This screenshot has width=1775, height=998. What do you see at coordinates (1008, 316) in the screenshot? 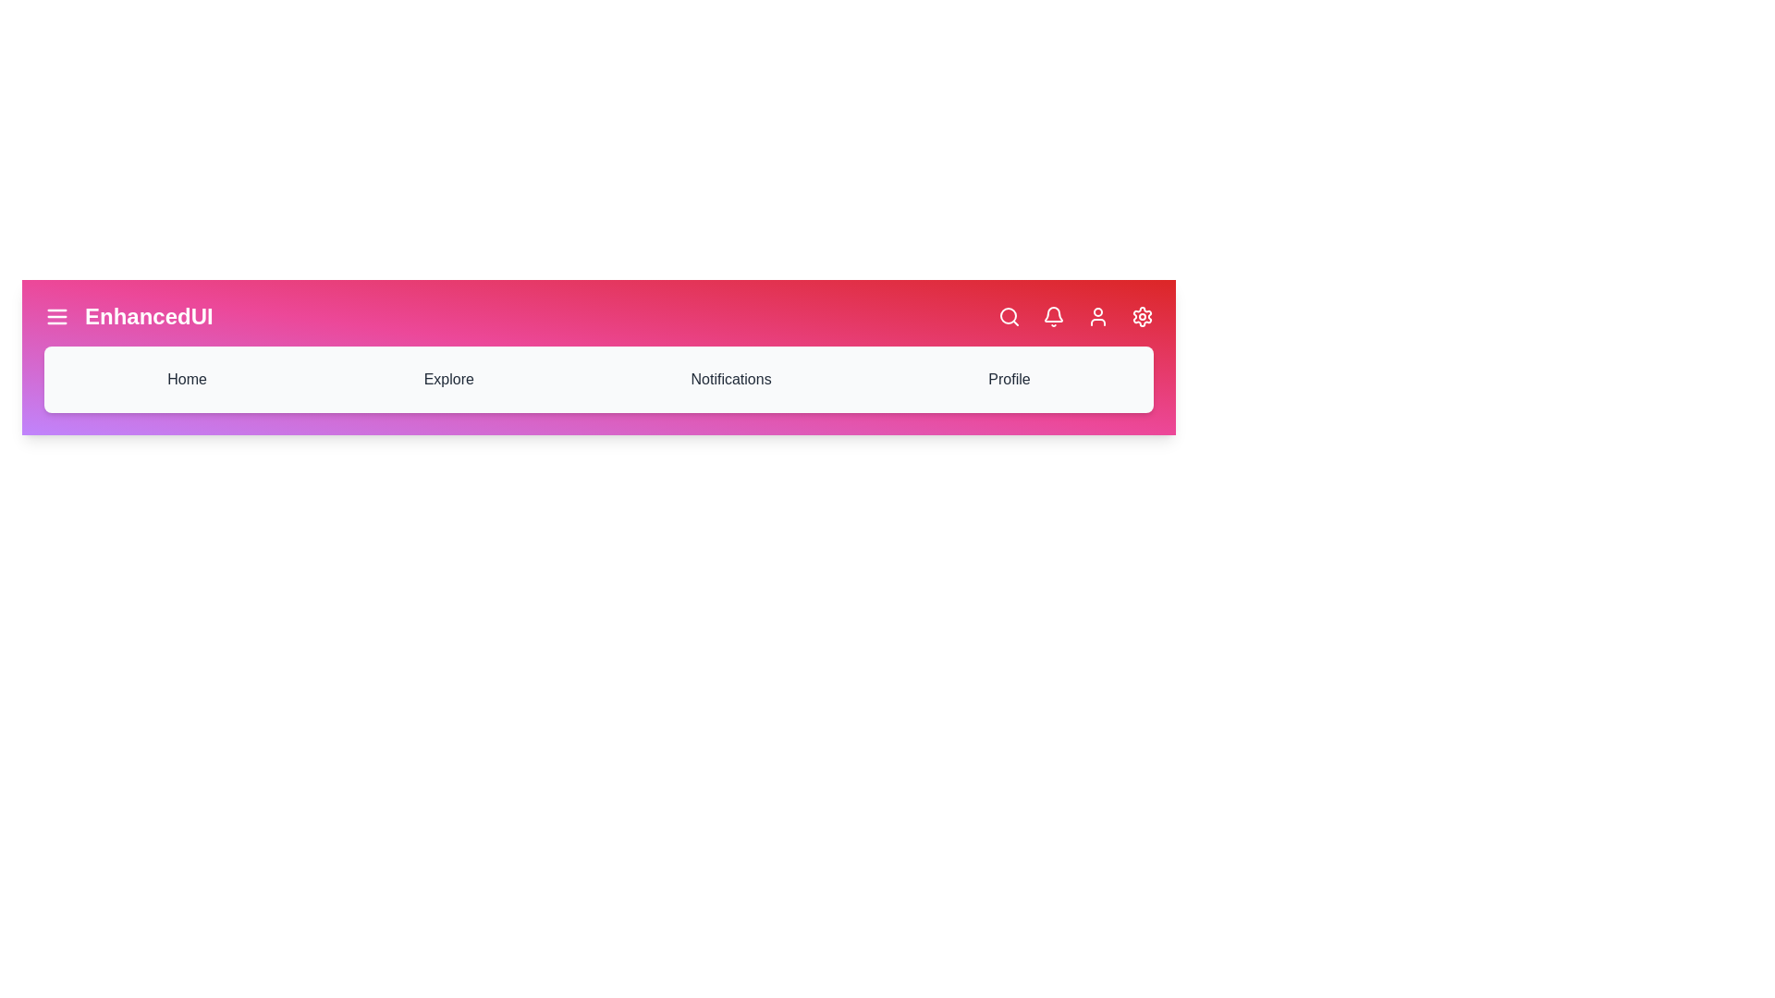
I see `the icon corresponding to Search` at bounding box center [1008, 316].